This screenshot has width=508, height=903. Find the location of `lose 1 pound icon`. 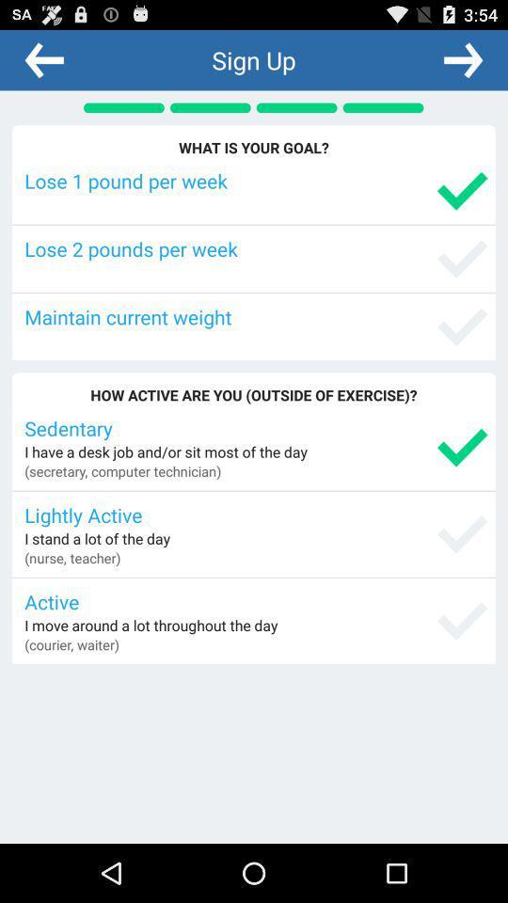

lose 1 pound icon is located at coordinates (255, 181).